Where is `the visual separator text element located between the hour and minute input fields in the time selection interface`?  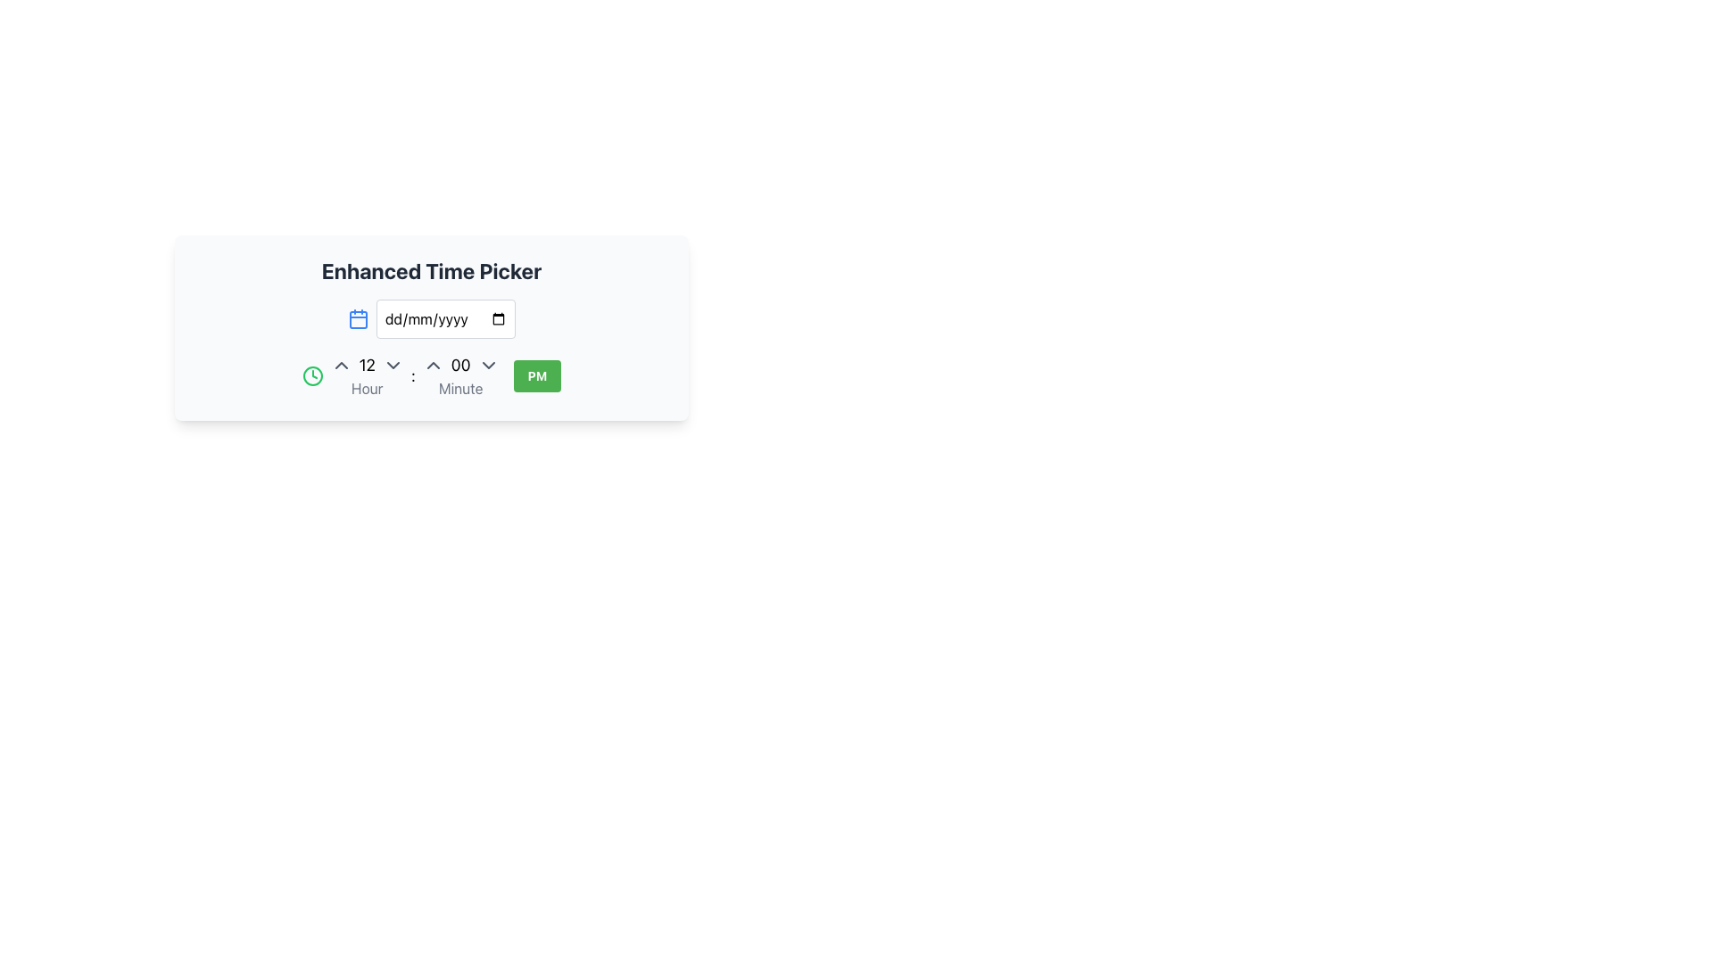
the visual separator text element located between the hour and minute input fields in the time selection interface is located at coordinates (412, 374).